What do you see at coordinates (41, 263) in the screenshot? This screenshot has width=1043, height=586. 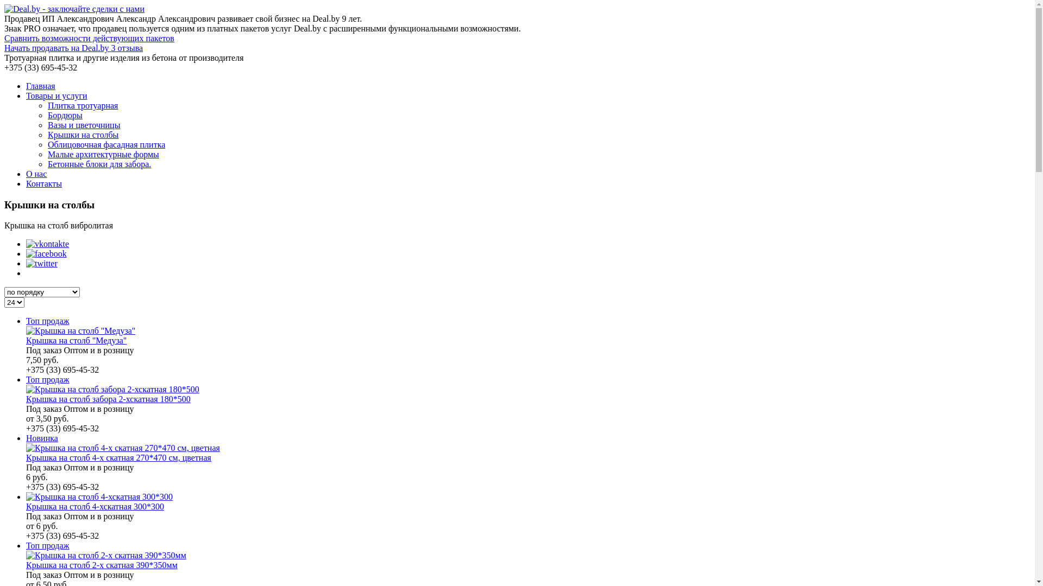 I see `'twitter'` at bounding box center [41, 263].